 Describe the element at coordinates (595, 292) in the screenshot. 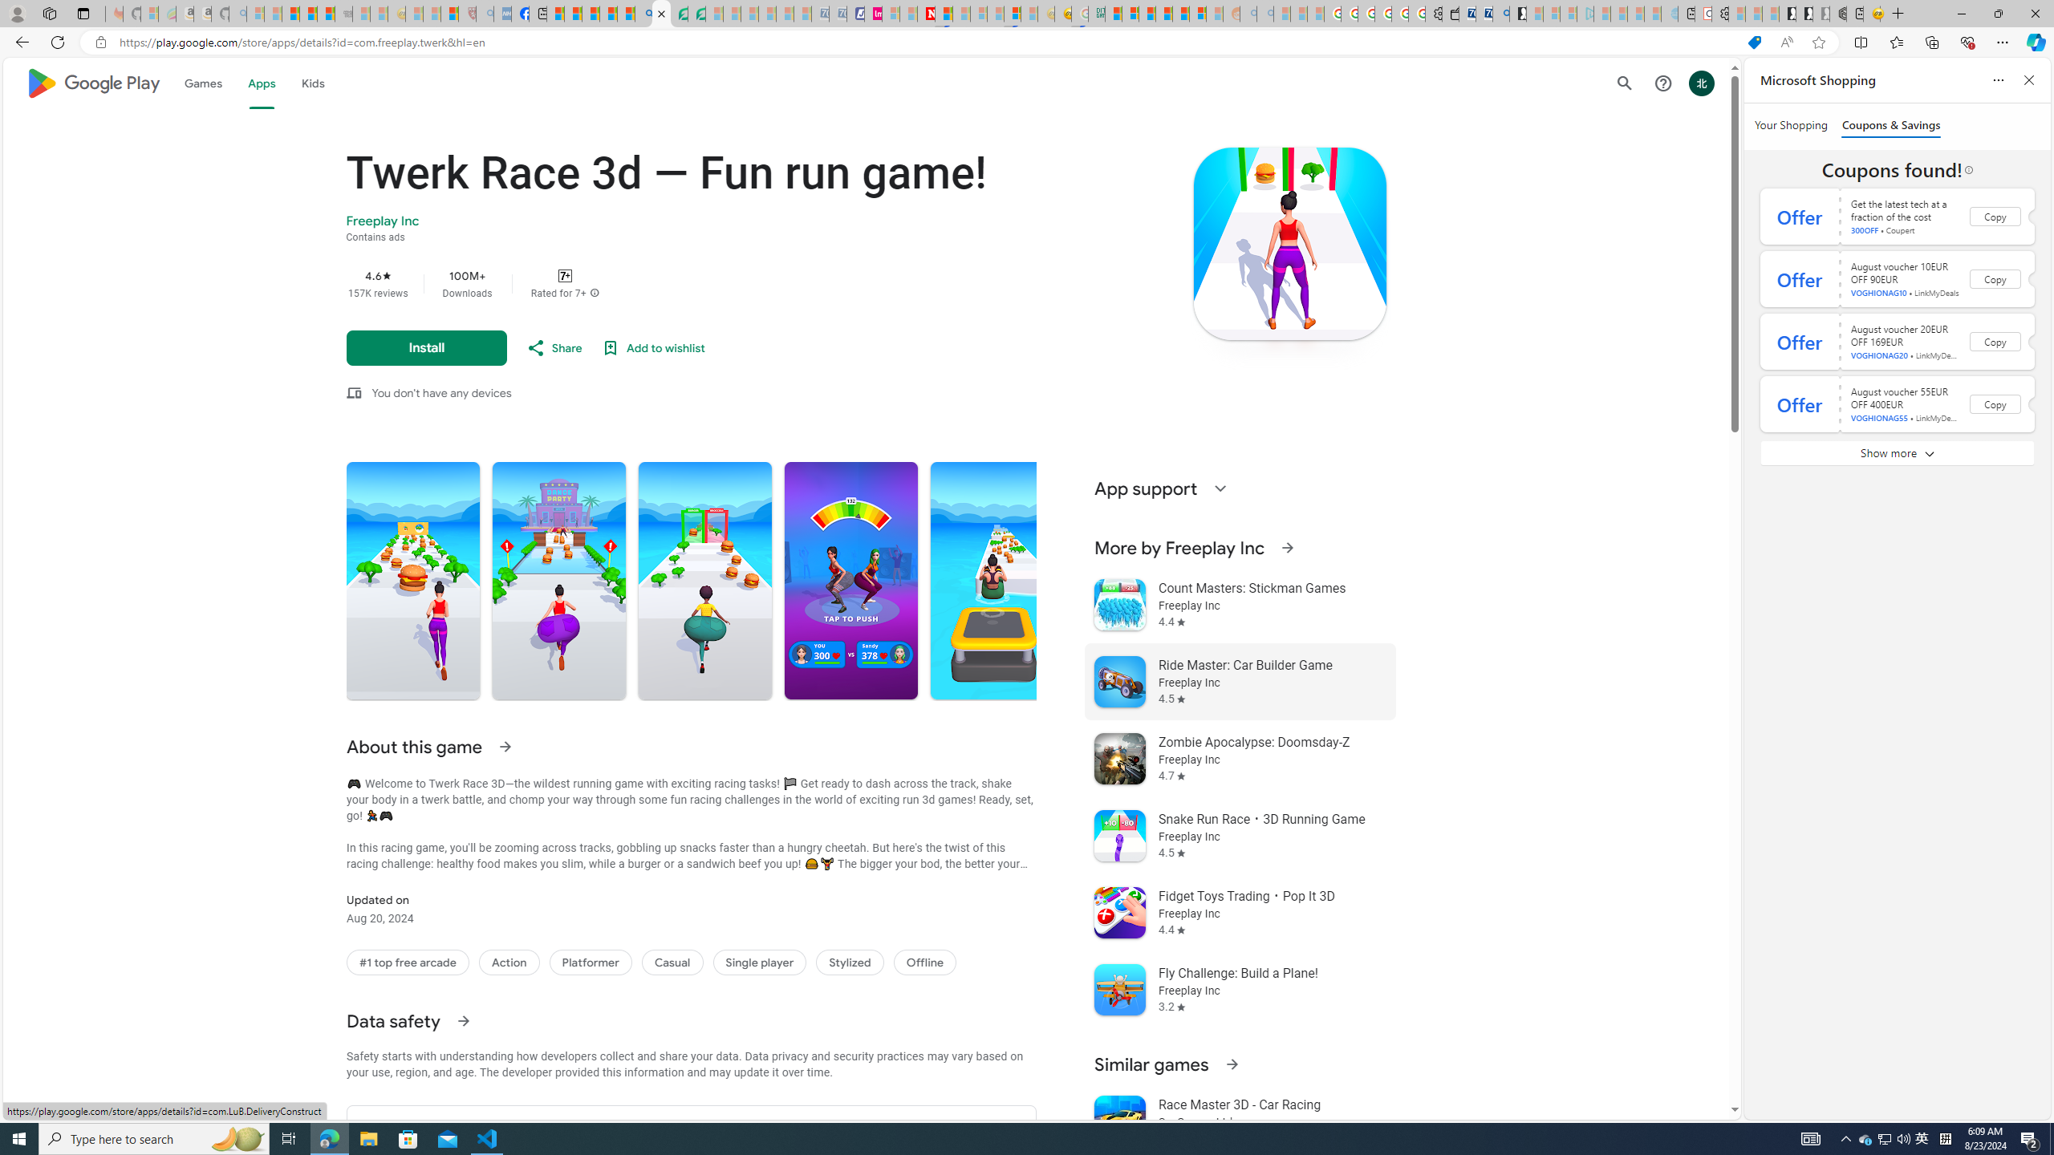

I see `'More info about this content rating'` at that location.